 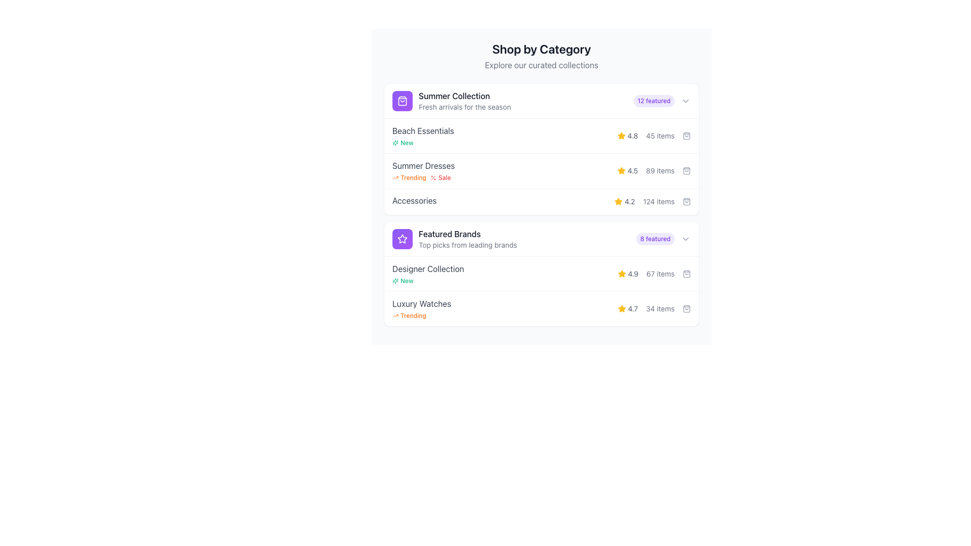 What do you see at coordinates (428, 268) in the screenshot?
I see `the text label 'Designer Collection' which is styled in gray and changes to violet on hover, located under 'Featured Brands' above the smaller text 'New'` at bounding box center [428, 268].